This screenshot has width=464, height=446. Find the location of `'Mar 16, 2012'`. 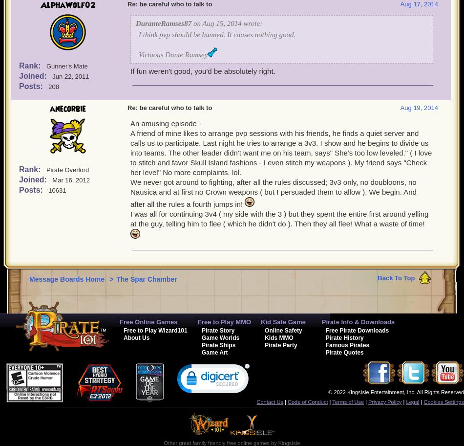

'Mar 16, 2012' is located at coordinates (70, 179).